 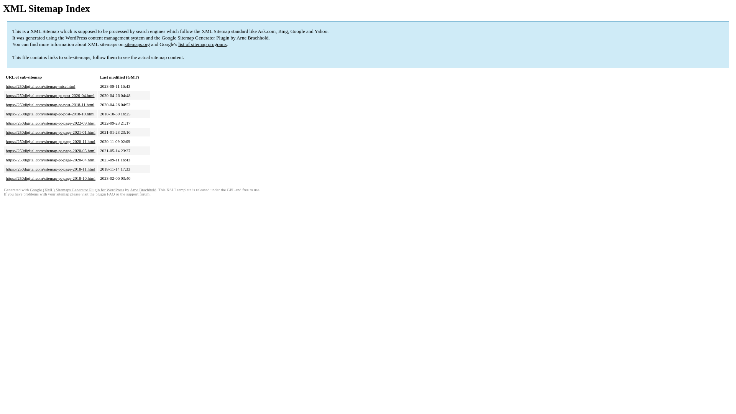 I want to click on 'https://250digital.com/sitemap-pt-post-2018-11.html', so click(x=49, y=105).